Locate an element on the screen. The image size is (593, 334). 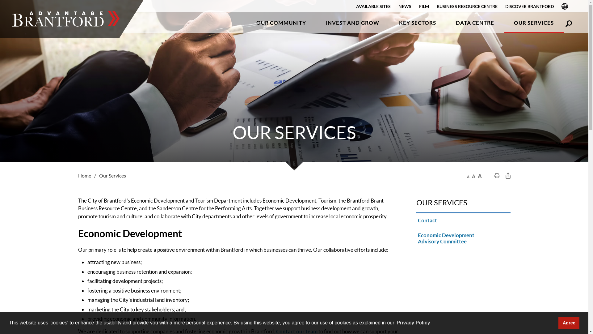
'Agree' is located at coordinates (558, 323).